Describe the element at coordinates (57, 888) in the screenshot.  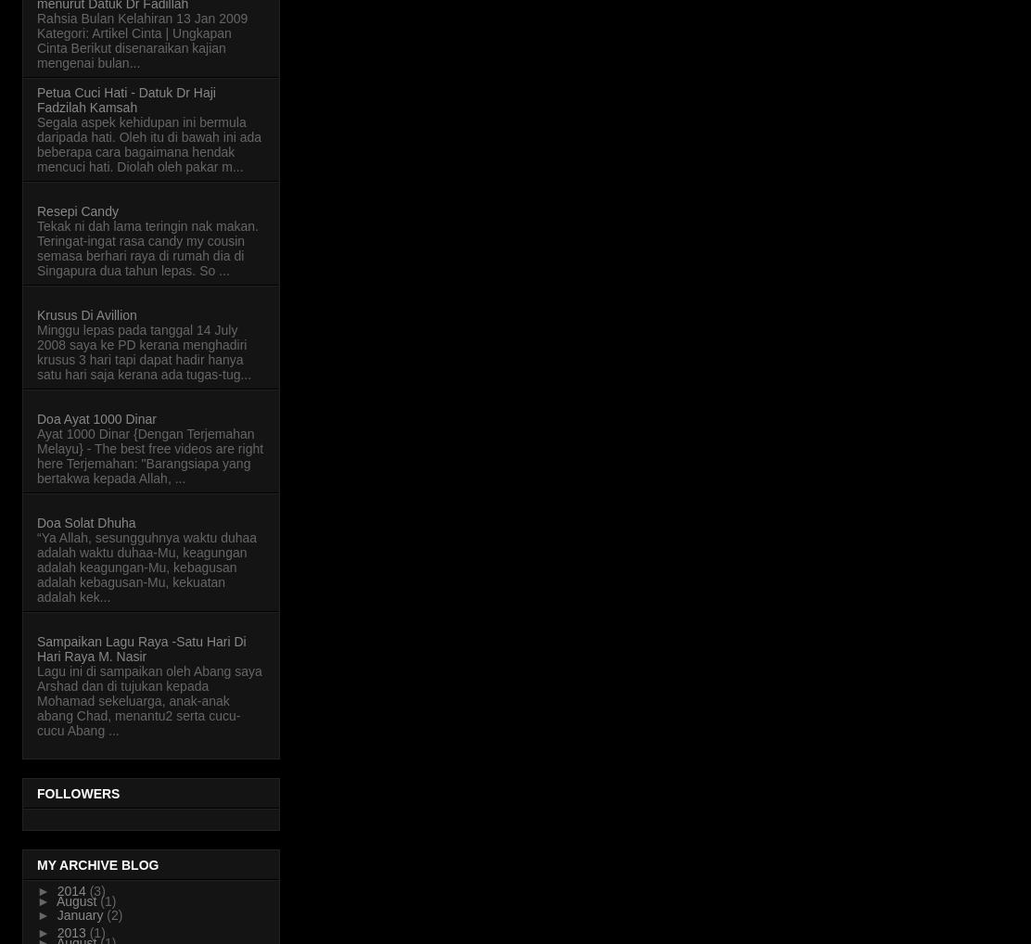
I see `'2014'` at that location.